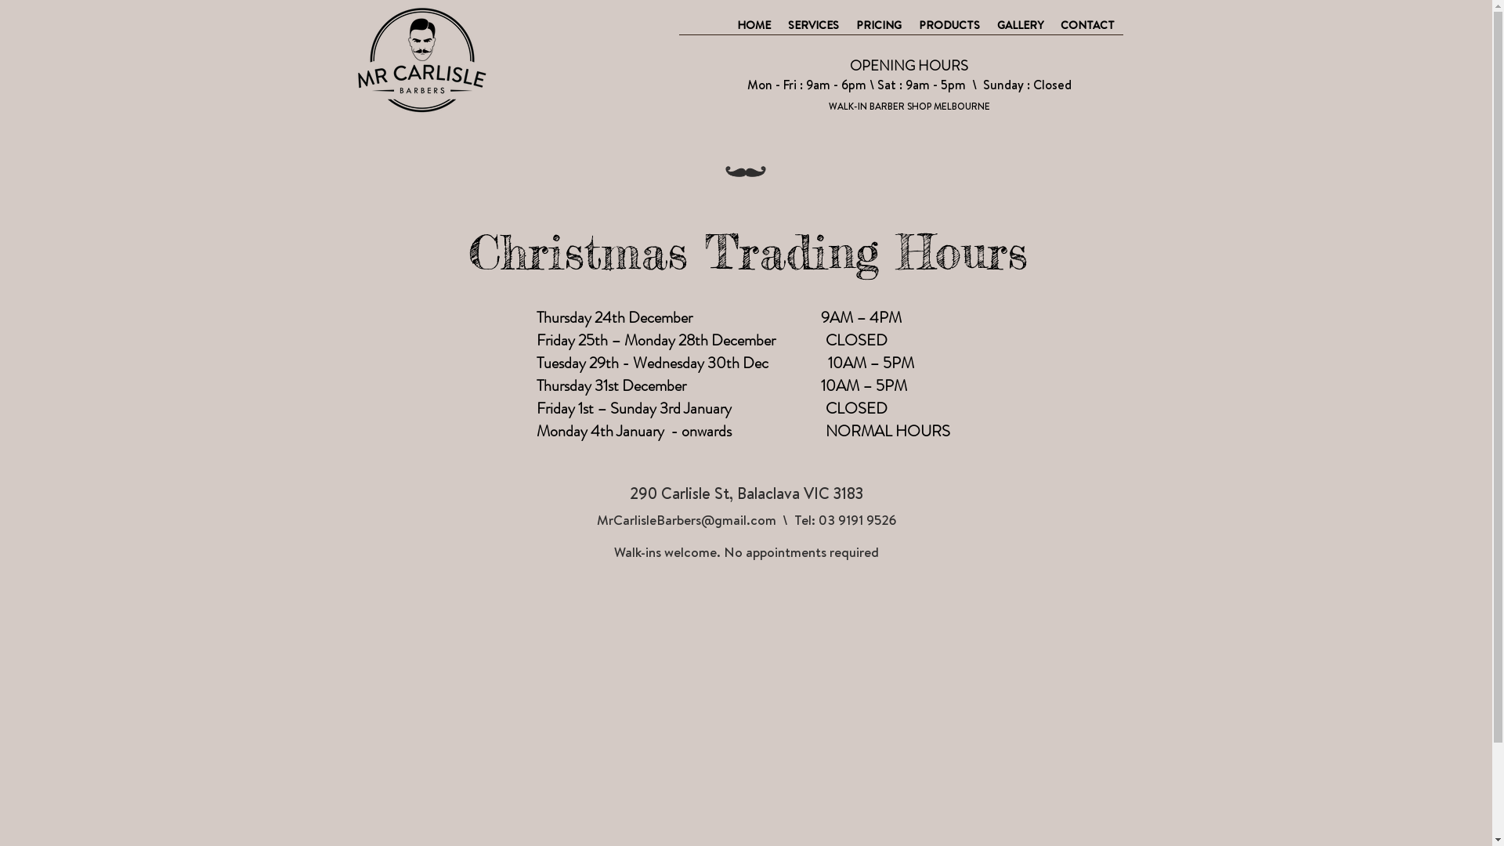 This screenshot has height=846, width=1504. What do you see at coordinates (754, 30) in the screenshot?
I see `'HOME'` at bounding box center [754, 30].